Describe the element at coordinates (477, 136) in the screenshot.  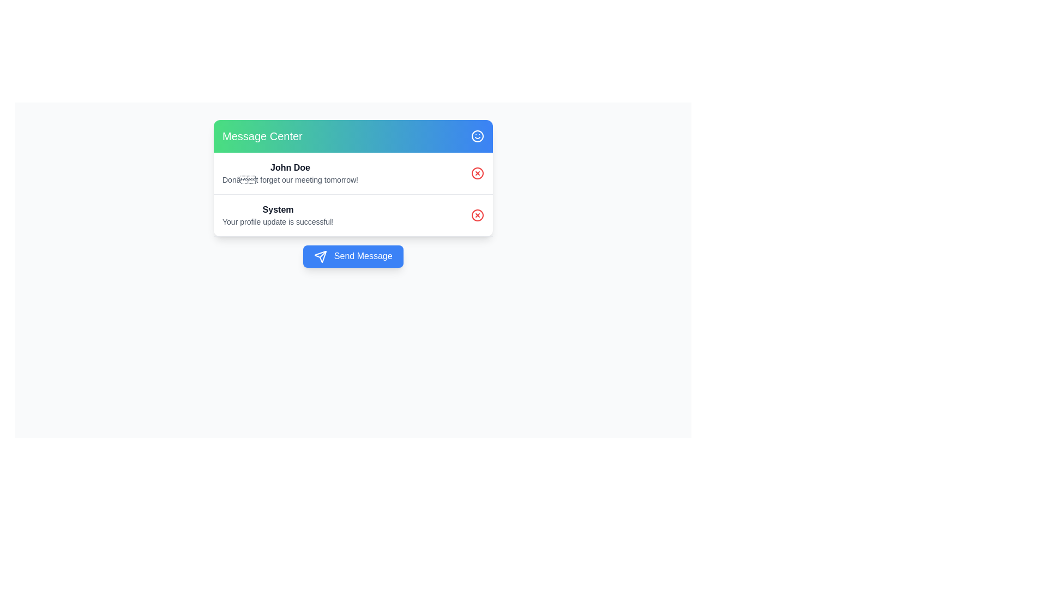
I see `the Decorative Icon in the top-right corner of the 'Message Center' header, which is a circular smiley face with a blue background and white facial features` at that location.